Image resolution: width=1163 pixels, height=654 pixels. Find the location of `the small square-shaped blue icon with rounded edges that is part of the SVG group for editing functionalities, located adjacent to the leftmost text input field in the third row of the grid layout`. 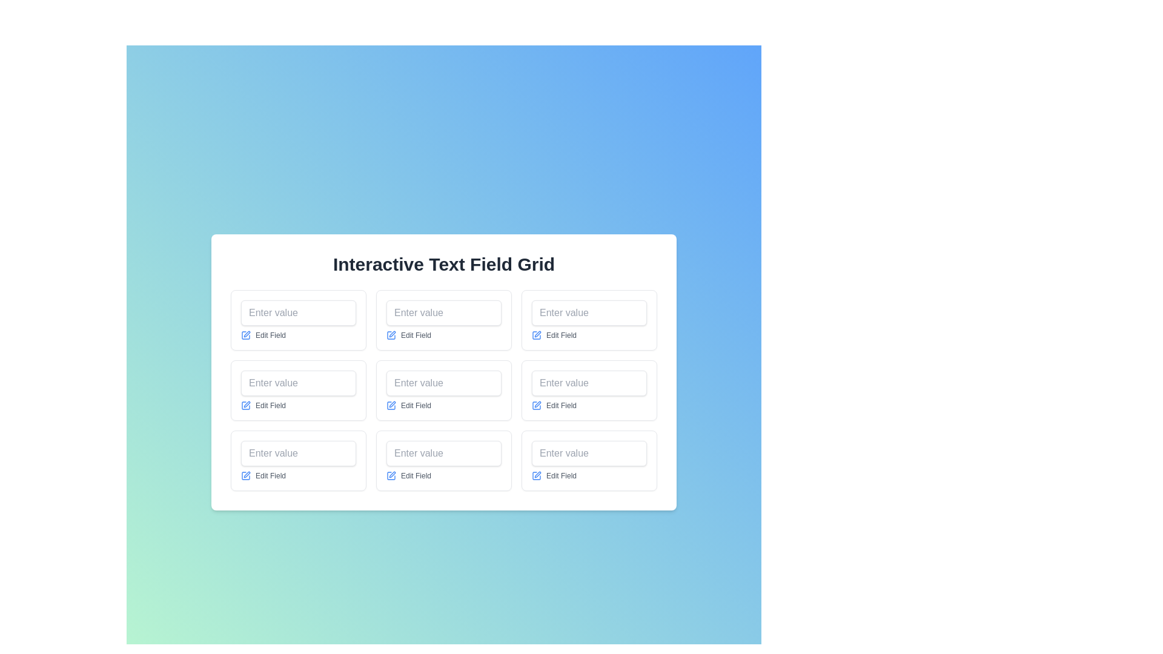

the small square-shaped blue icon with rounded edges that is part of the SVG group for editing functionalities, located adjacent to the leftmost text input field in the third row of the grid layout is located at coordinates (245, 406).